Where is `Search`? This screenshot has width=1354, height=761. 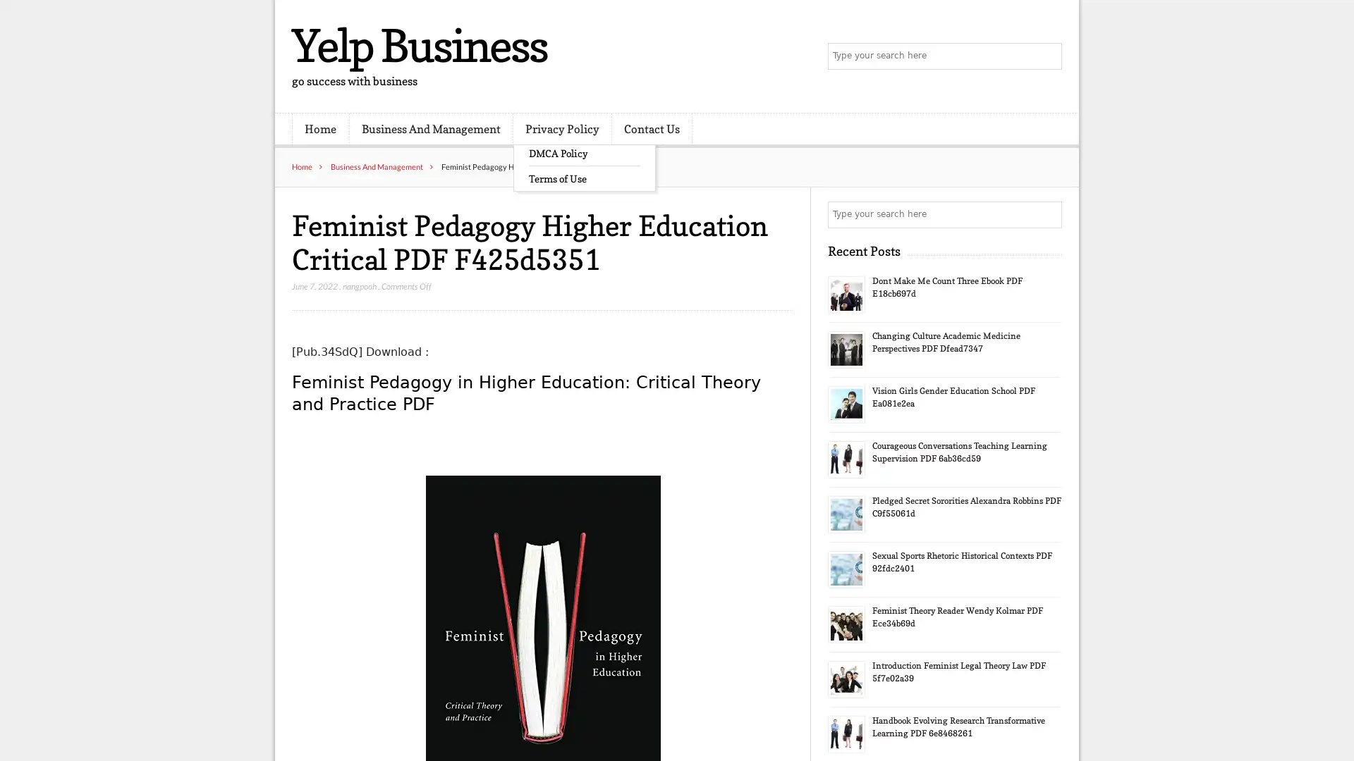
Search is located at coordinates (1047, 56).